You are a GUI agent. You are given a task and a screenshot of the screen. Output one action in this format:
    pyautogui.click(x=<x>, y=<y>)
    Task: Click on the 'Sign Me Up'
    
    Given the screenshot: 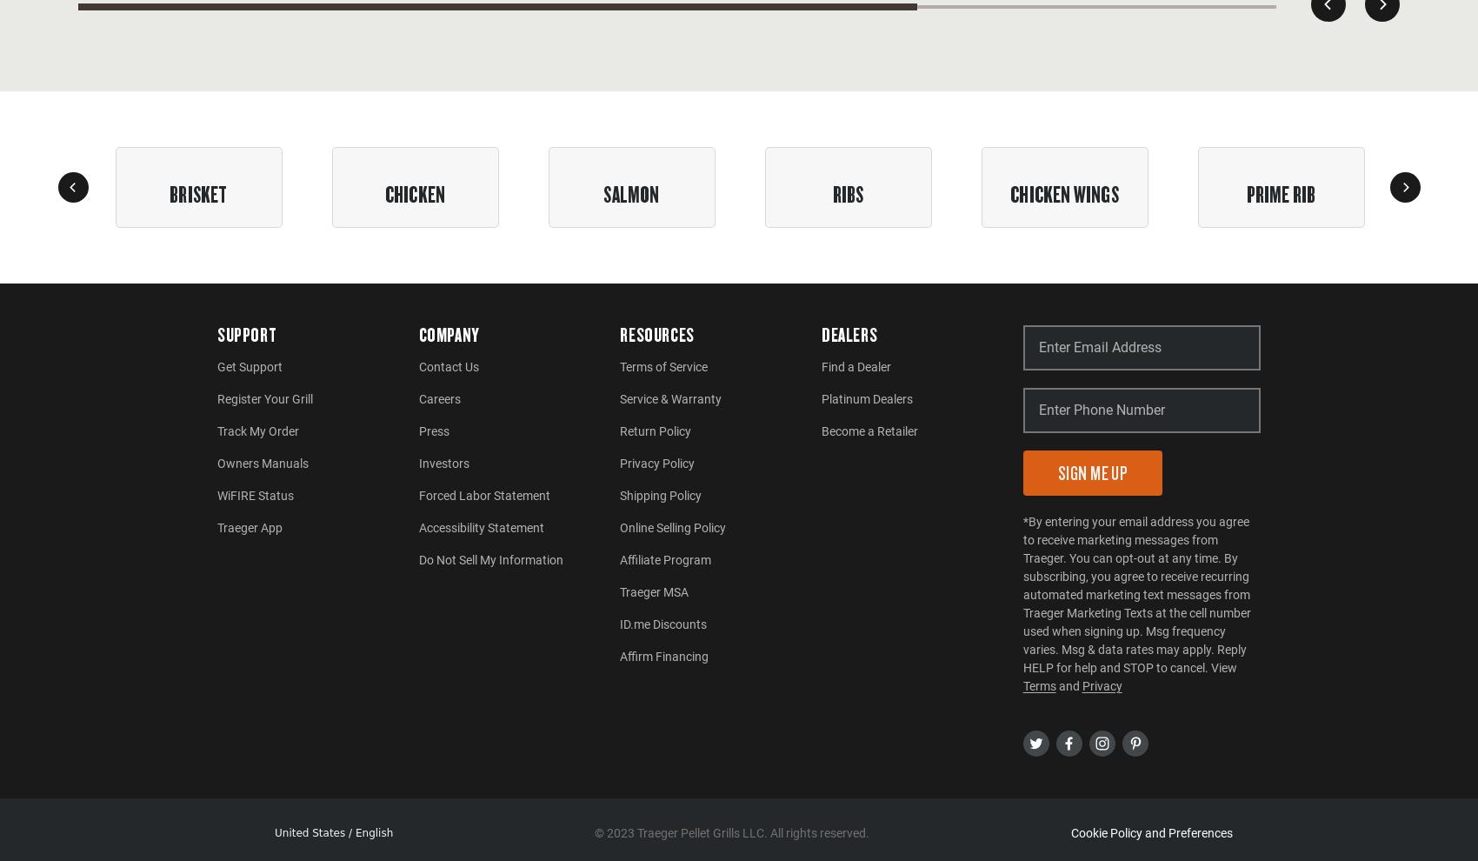 What is the action you would take?
    pyautogui.click(x=1091, y=471)
    